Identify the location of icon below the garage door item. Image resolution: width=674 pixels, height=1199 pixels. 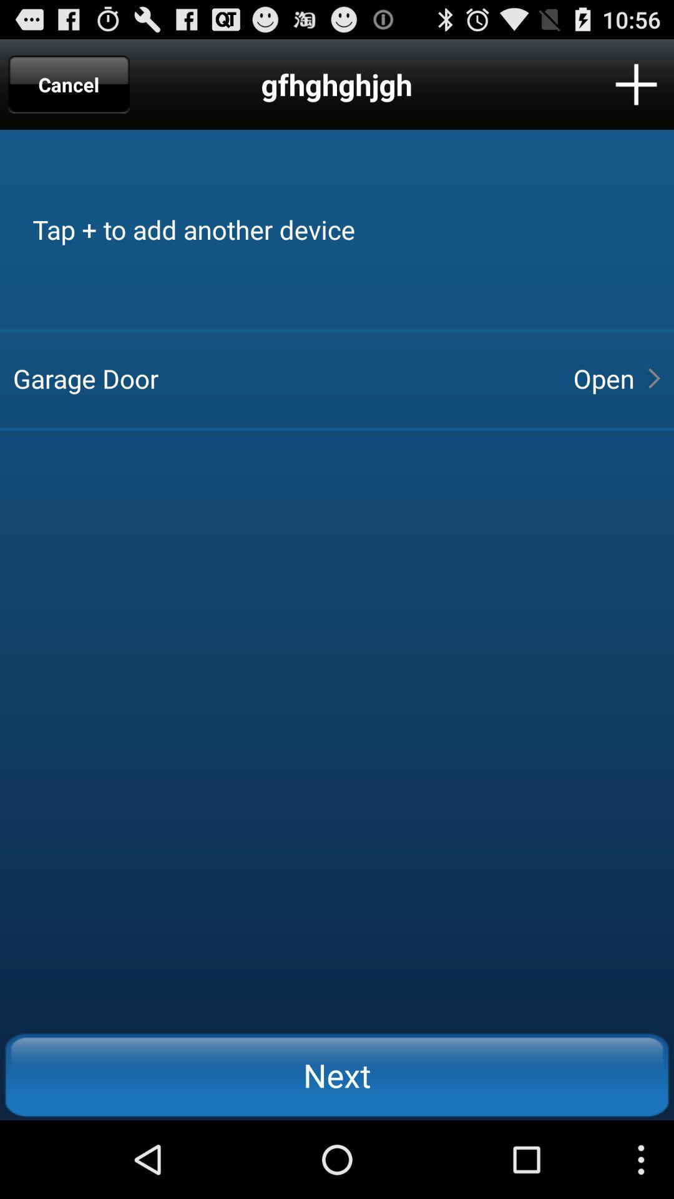
(337, 1074).